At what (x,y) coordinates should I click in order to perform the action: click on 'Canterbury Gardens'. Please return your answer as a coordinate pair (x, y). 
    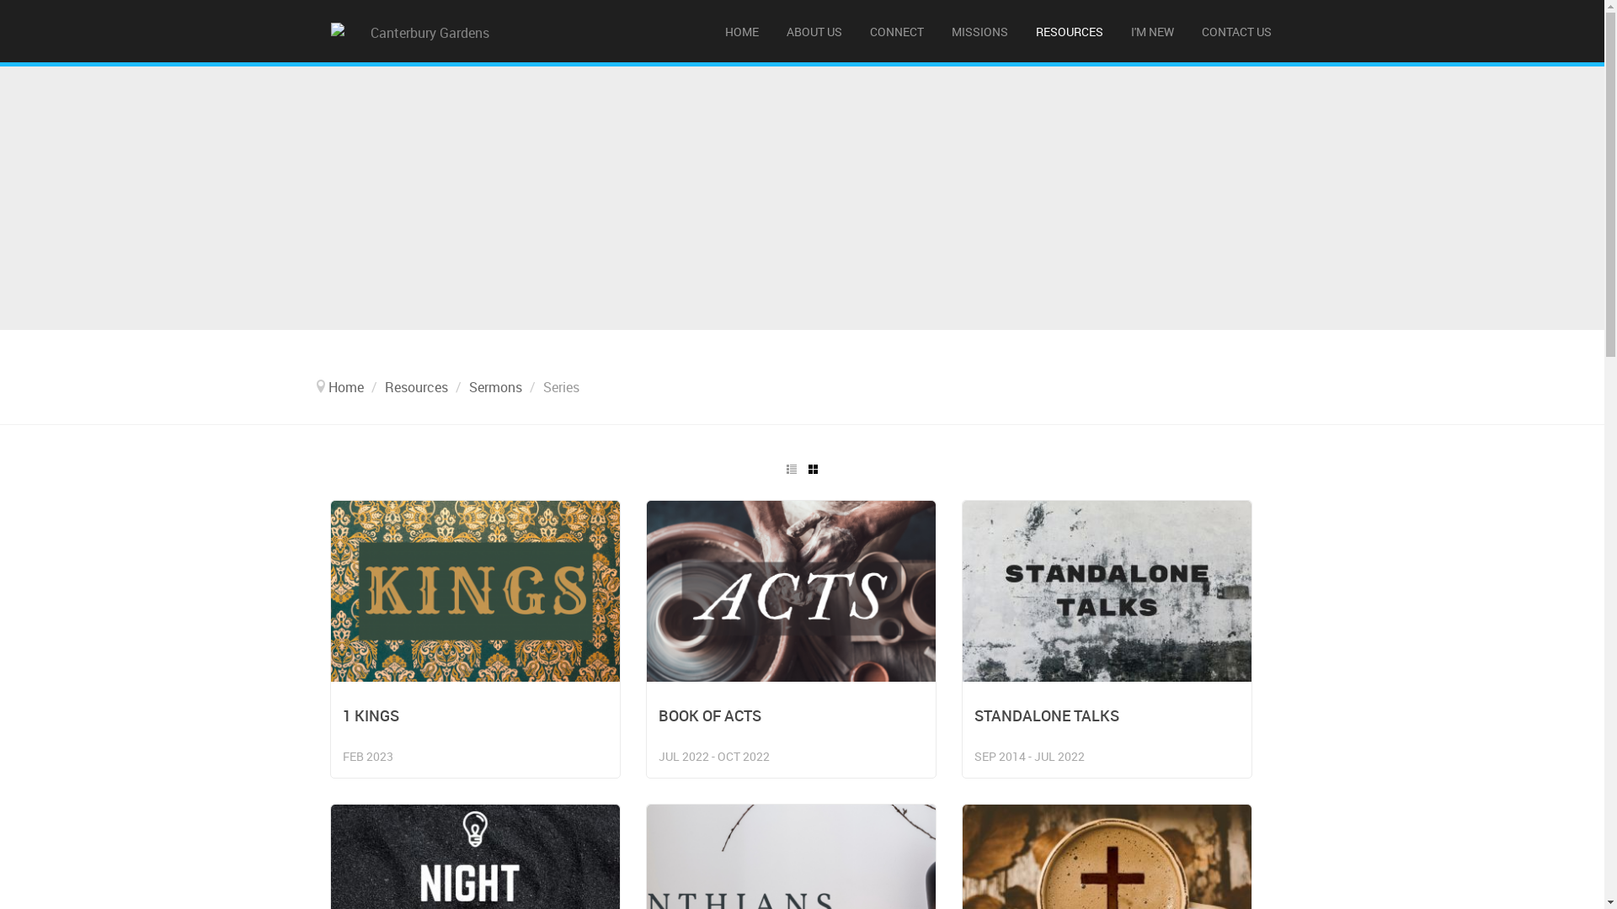
    Looking at the image, I should click on (423, 31).